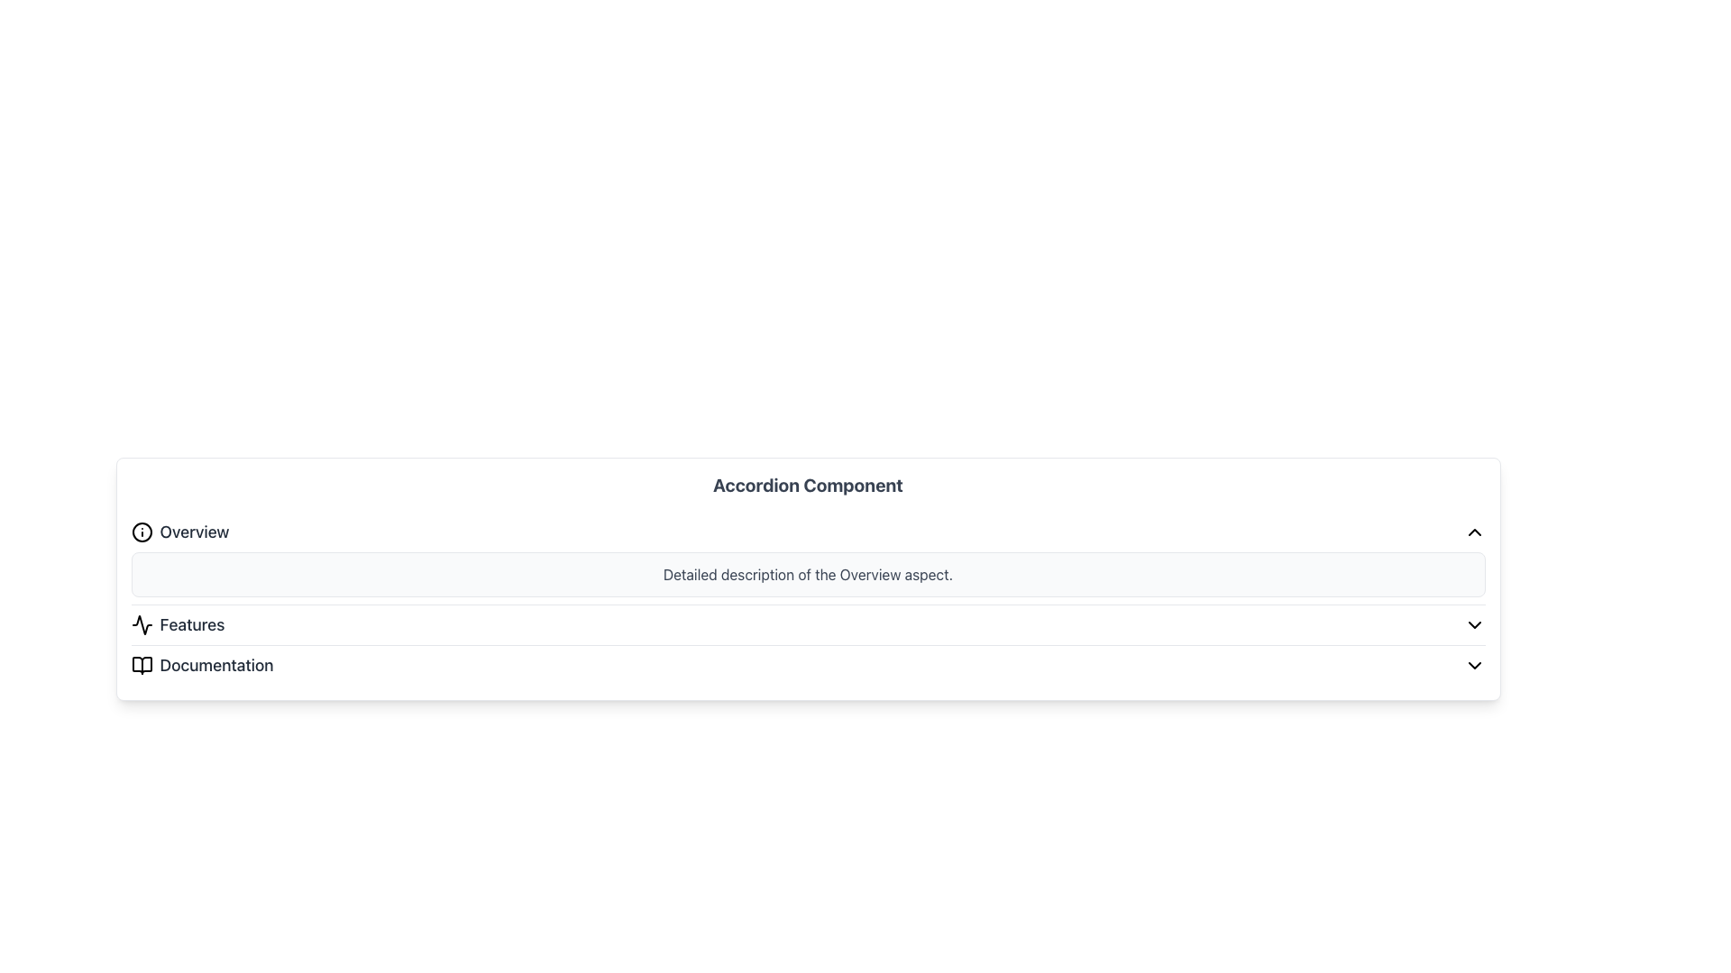 This screenshot has width=1731, height=973. What do you see at coordinates (180, 531) in the screenshot?
I see `the 'Overview' section header button in the accordion` at bounding box center [180, 531].